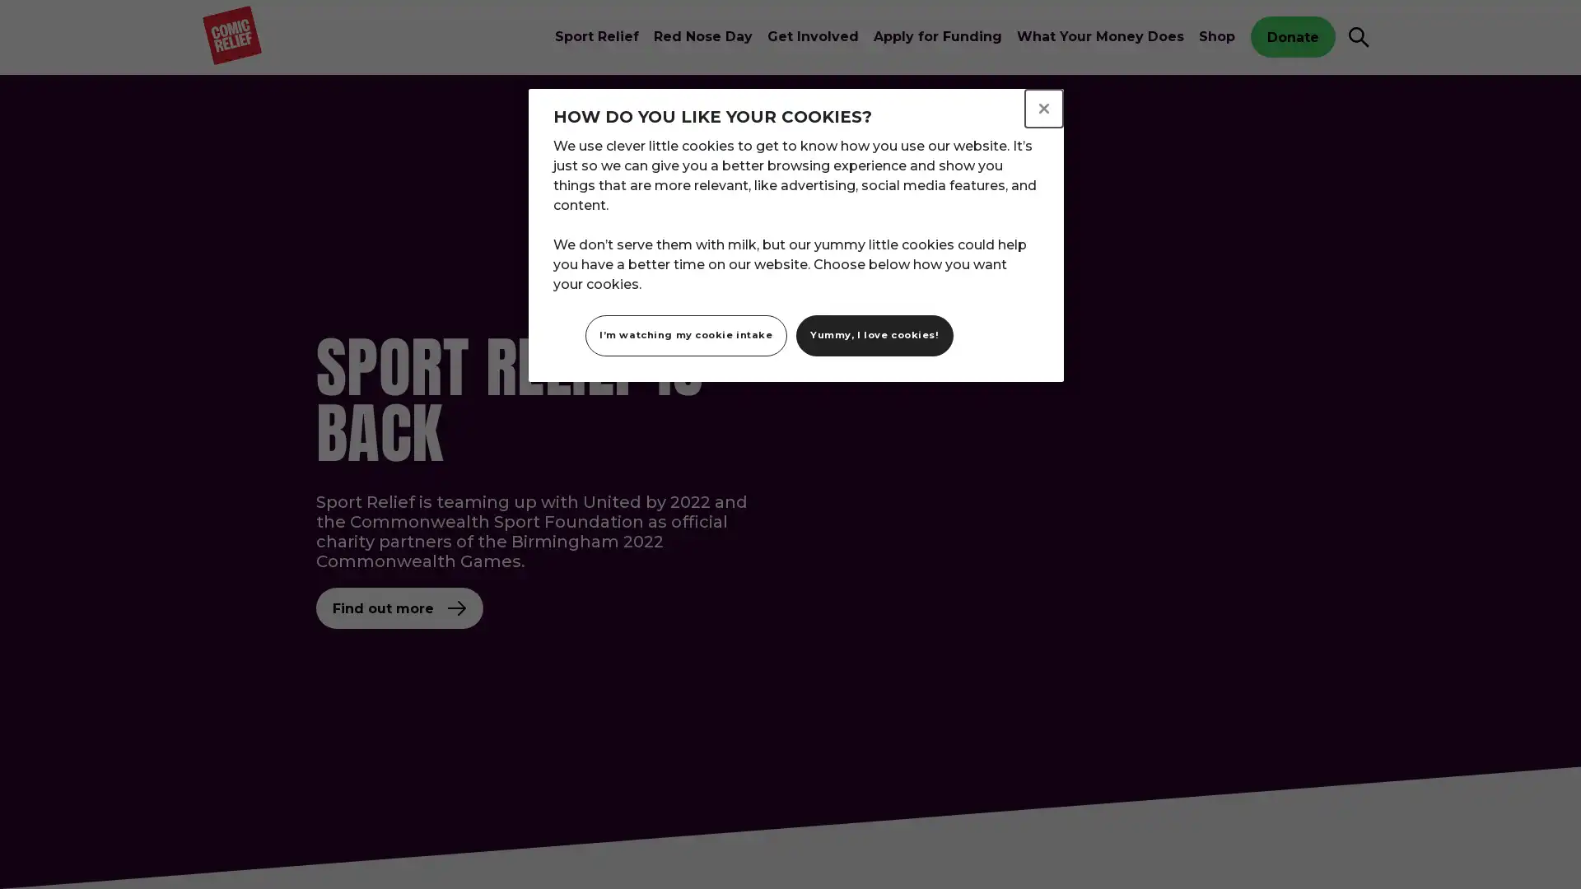  I want to click on Close, so click(1042, 108).